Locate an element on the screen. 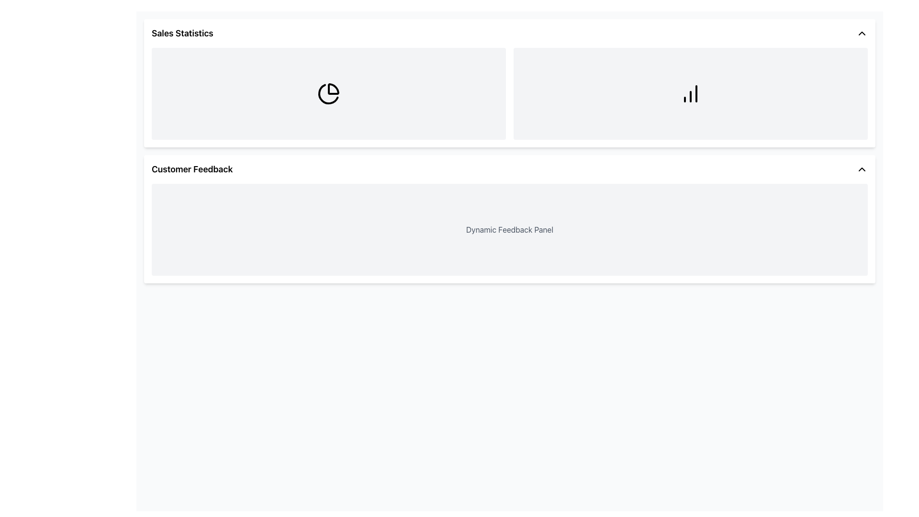 The width and height of the screenshot is (919, 517). the increasing bar chart icon located in the upper portion of the layout under the 'Sales Statistics' heading is located at coordinates (691, 94).